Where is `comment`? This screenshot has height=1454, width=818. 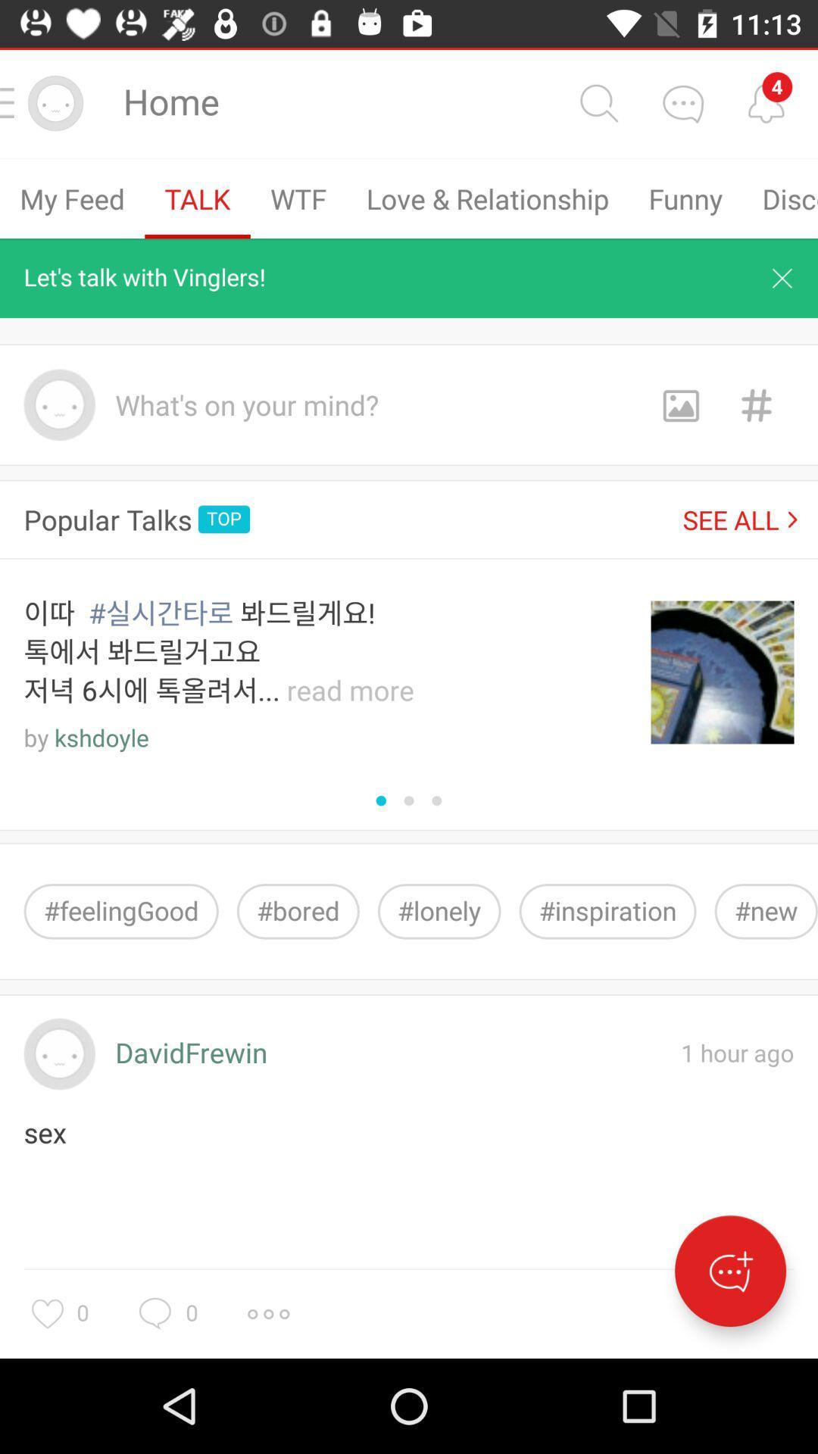
comment is located at coordinates (682, 102).